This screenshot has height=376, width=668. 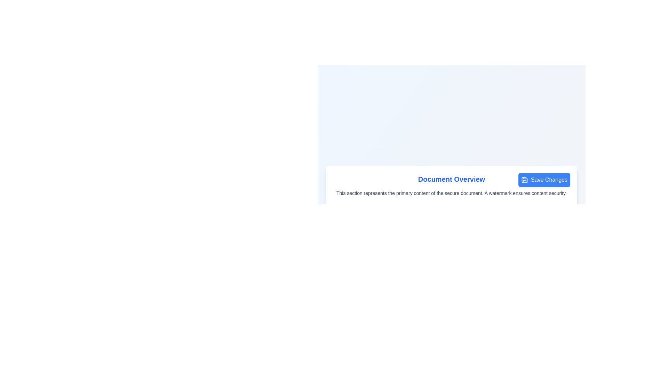 I want to click on save icon element, which is a graphical representation of a floppy disk located within the 'Save Changes' button, styled with a blue background and white text, so click(x=524, y=179).